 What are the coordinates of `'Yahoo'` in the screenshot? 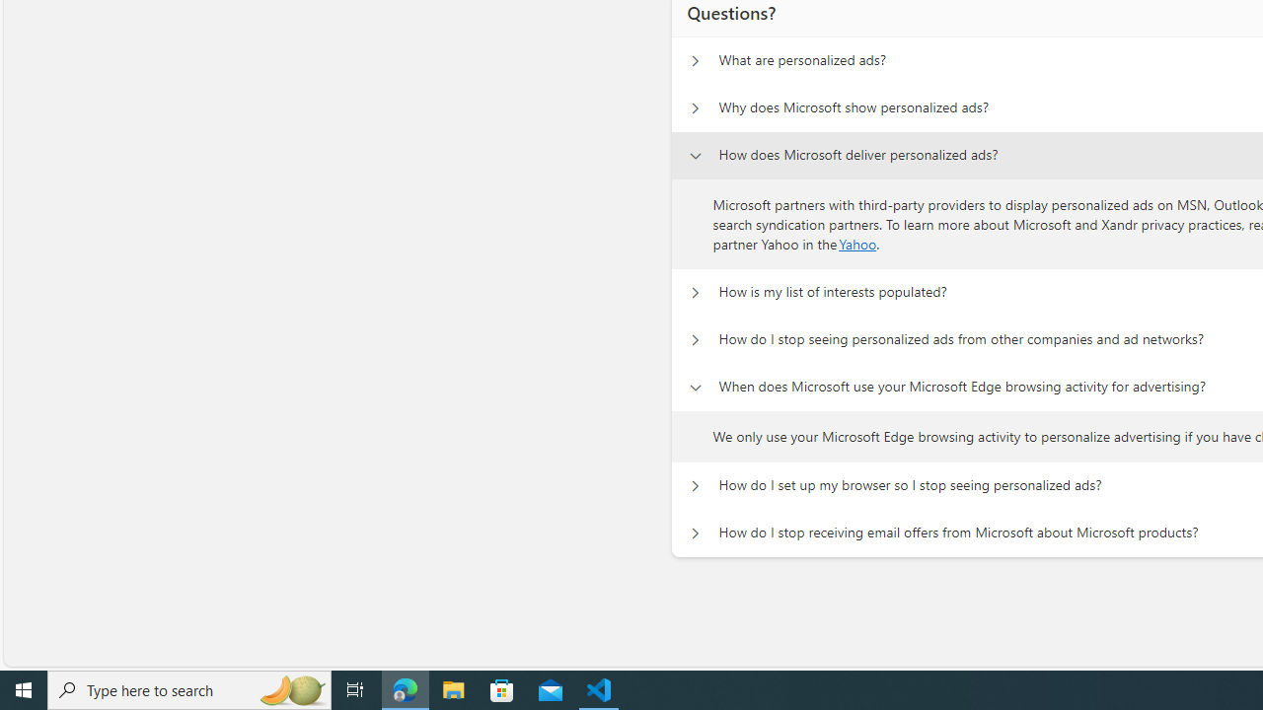 It's located at (857, 242).